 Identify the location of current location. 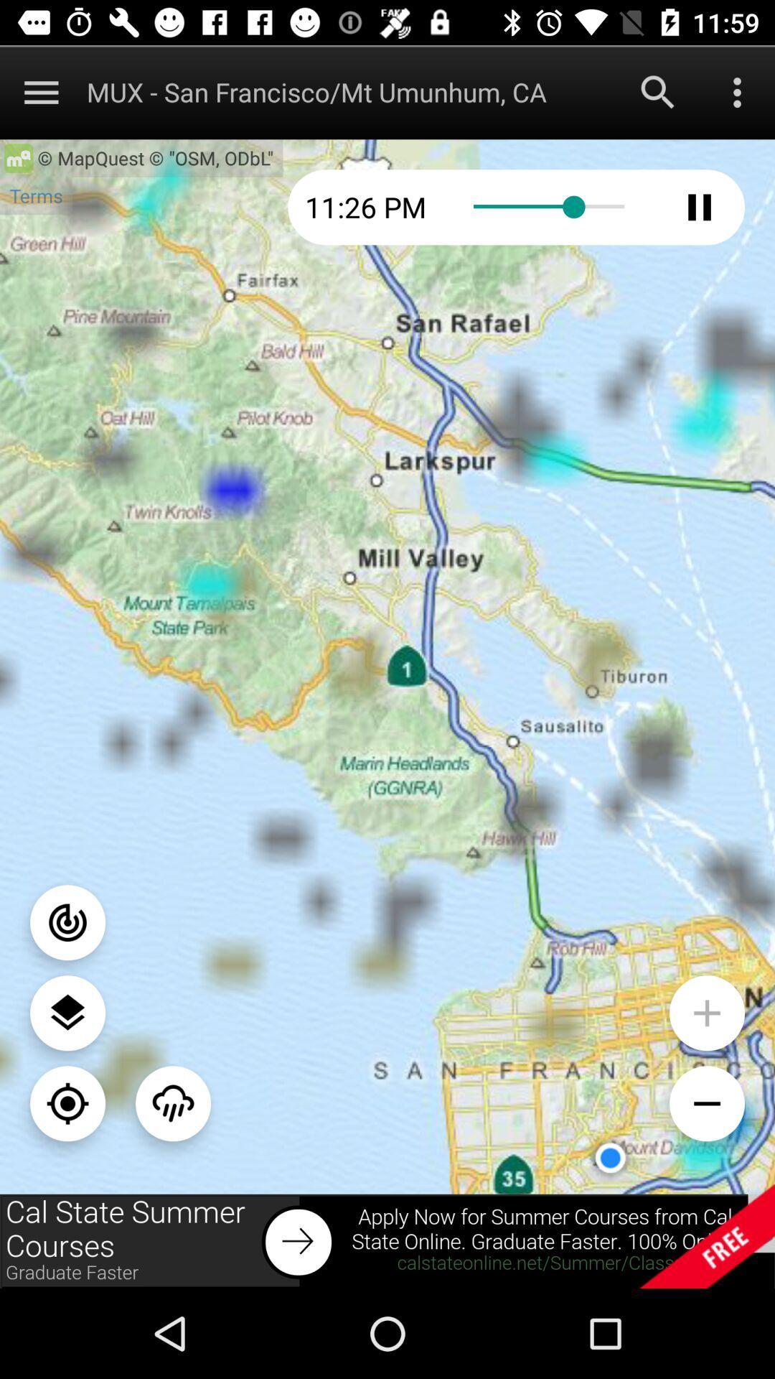
(67, 1102).